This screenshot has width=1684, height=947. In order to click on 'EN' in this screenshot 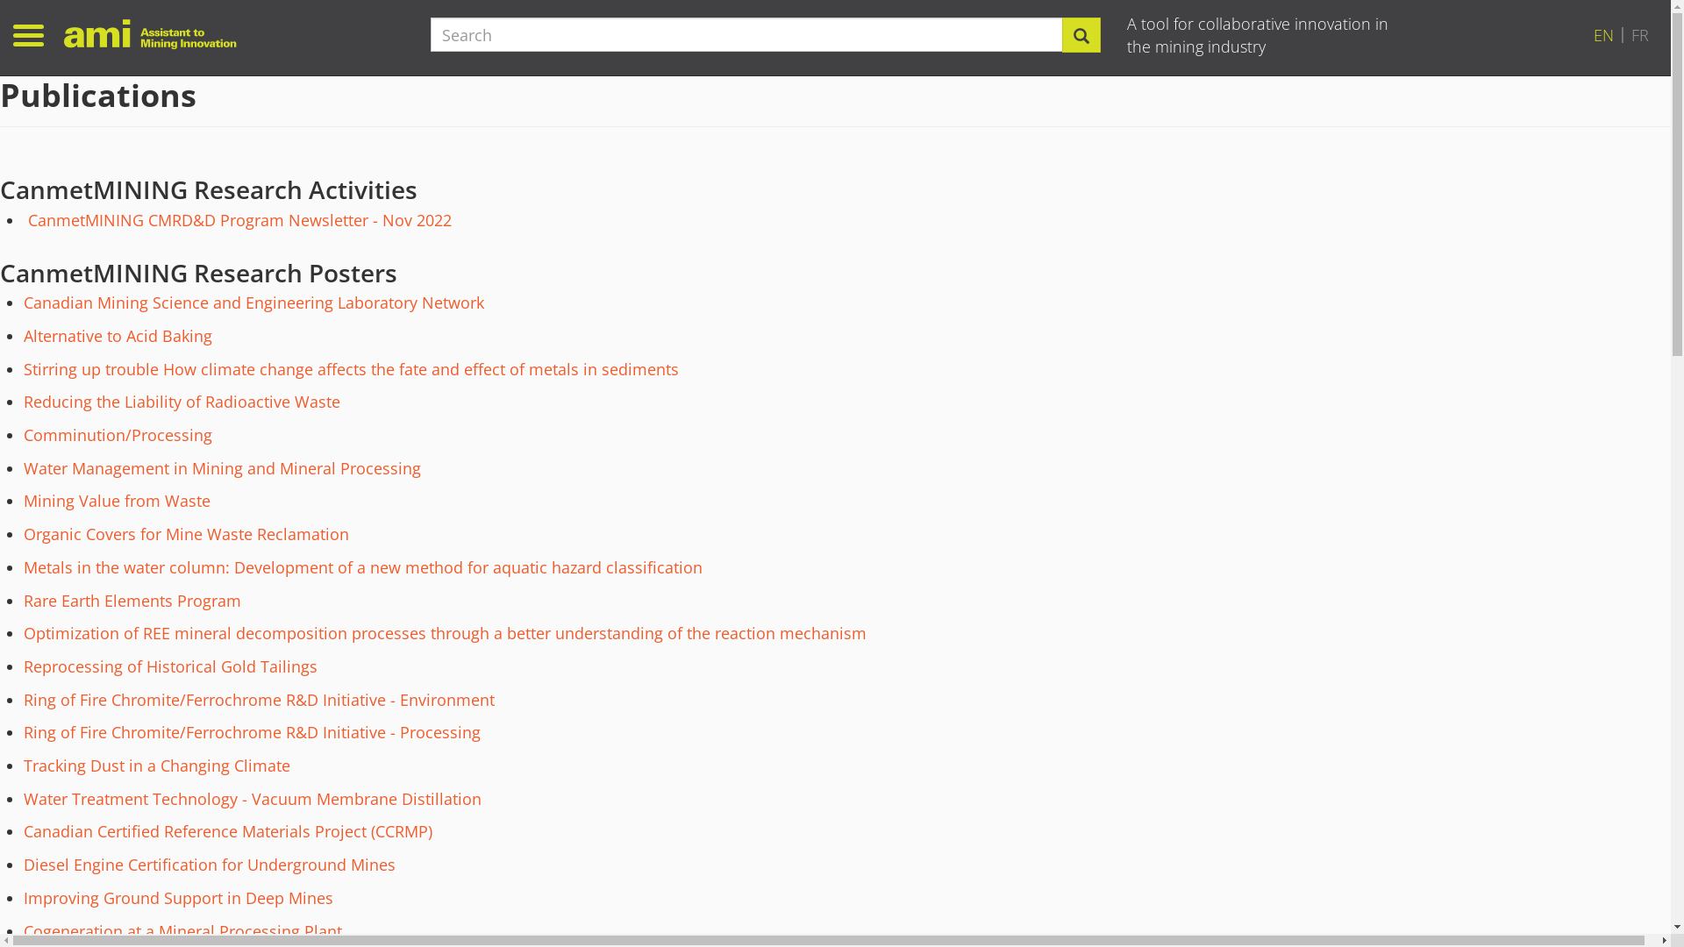, I will do `click(1584, 35)`.